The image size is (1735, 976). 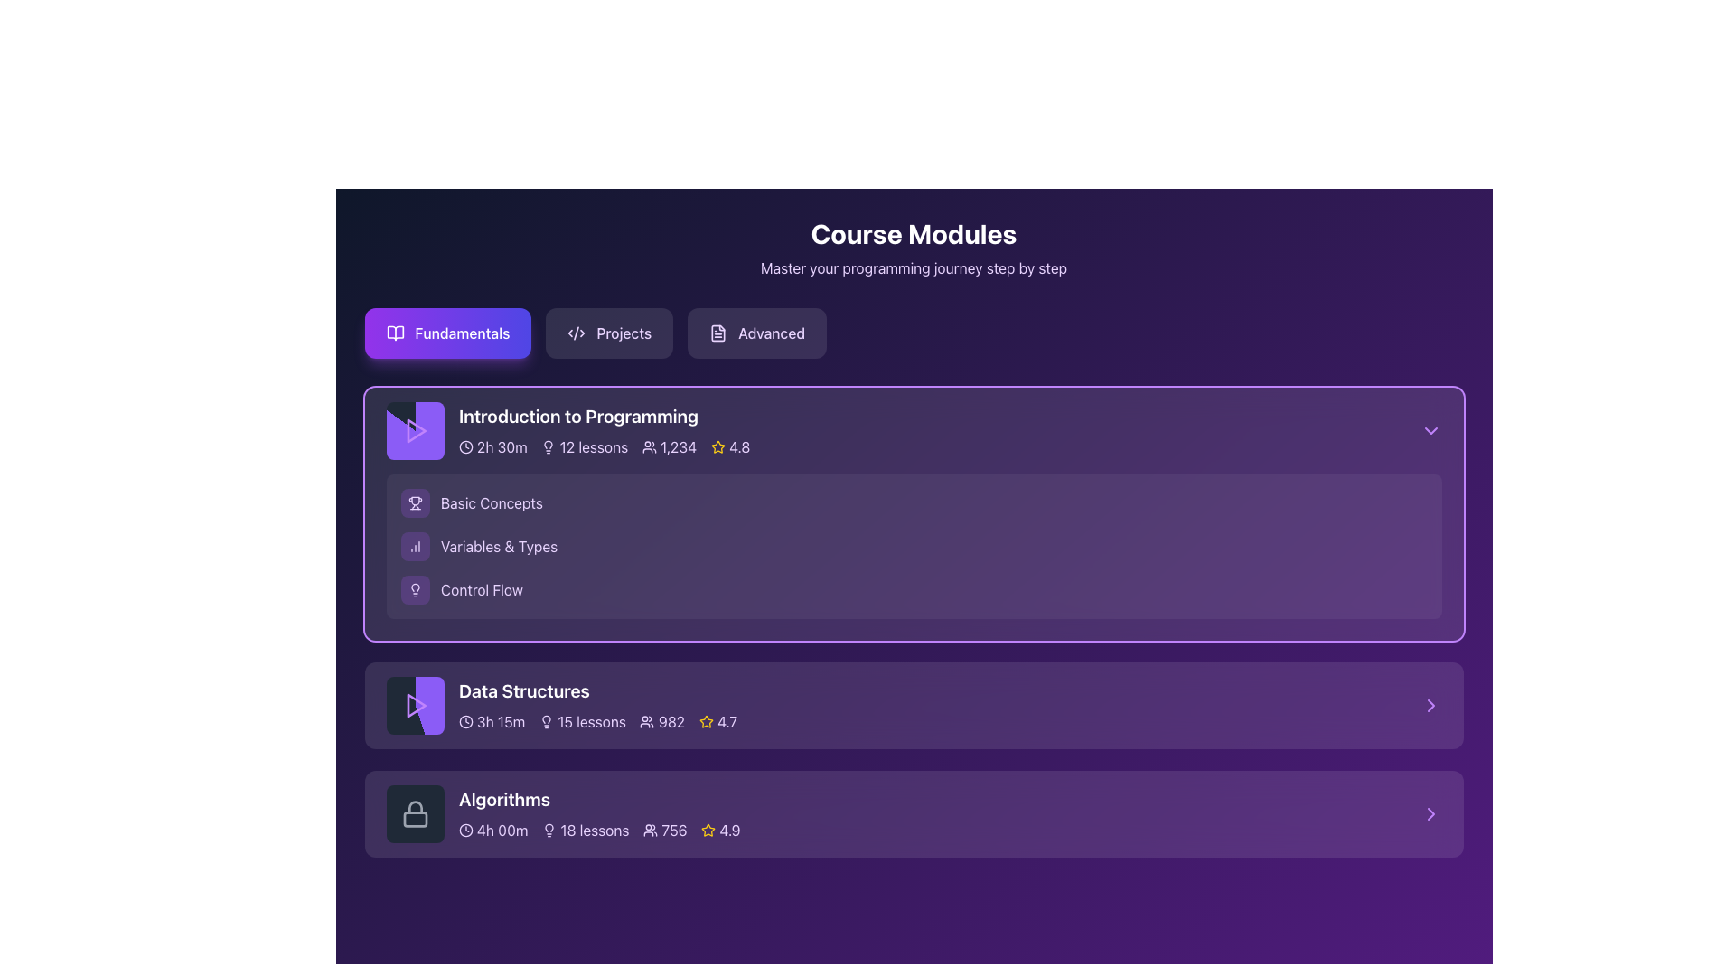 What do you see at coordinates (465, 720) in the screenshot?
I see `the circular element of the clock icon located in the 'Data Structures' block, which defines the clock's outline` at bounding box center [465, 720].